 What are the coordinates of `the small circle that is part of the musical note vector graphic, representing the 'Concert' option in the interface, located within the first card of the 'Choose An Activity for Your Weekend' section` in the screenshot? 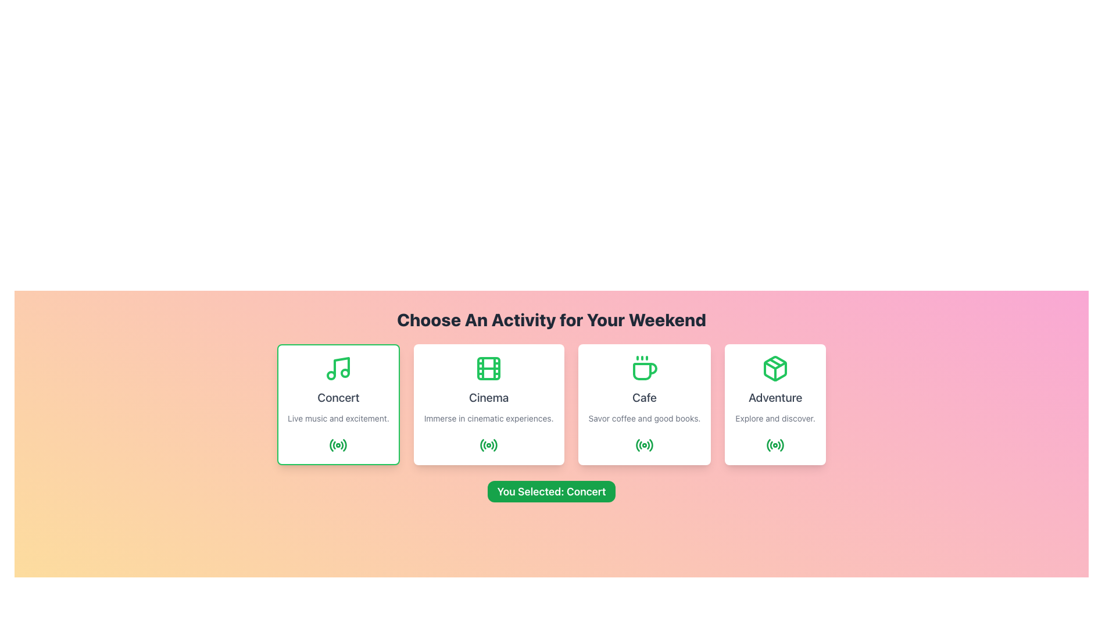 It's located at (331, 375).